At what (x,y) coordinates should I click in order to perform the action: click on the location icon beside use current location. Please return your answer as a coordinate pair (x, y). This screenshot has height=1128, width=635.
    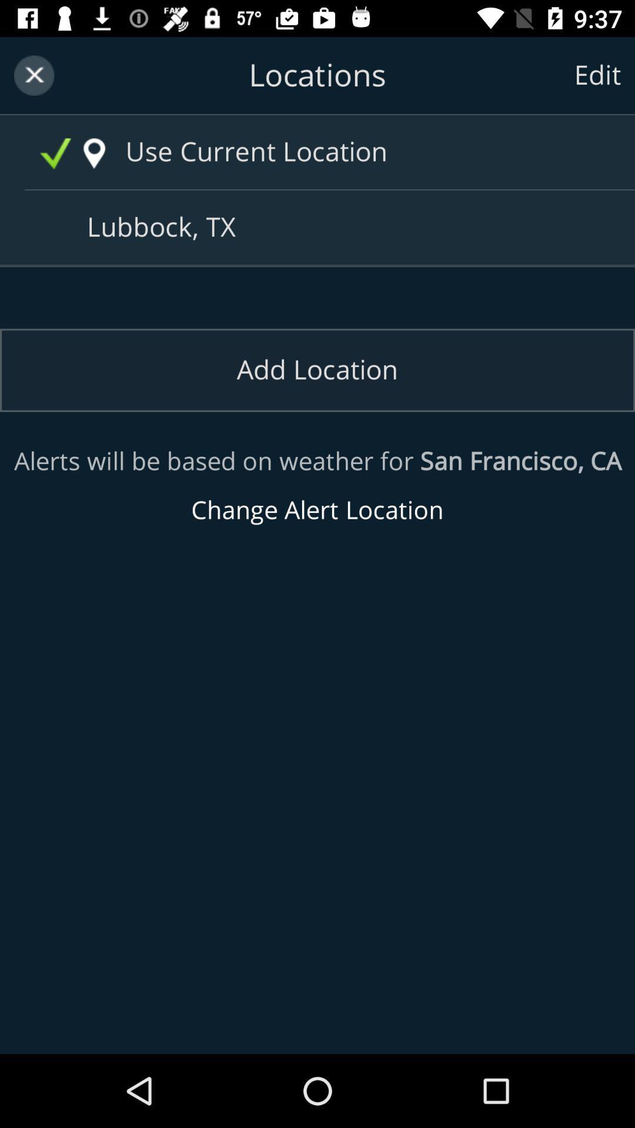
    Looking at the image, I should click on (93, 153).